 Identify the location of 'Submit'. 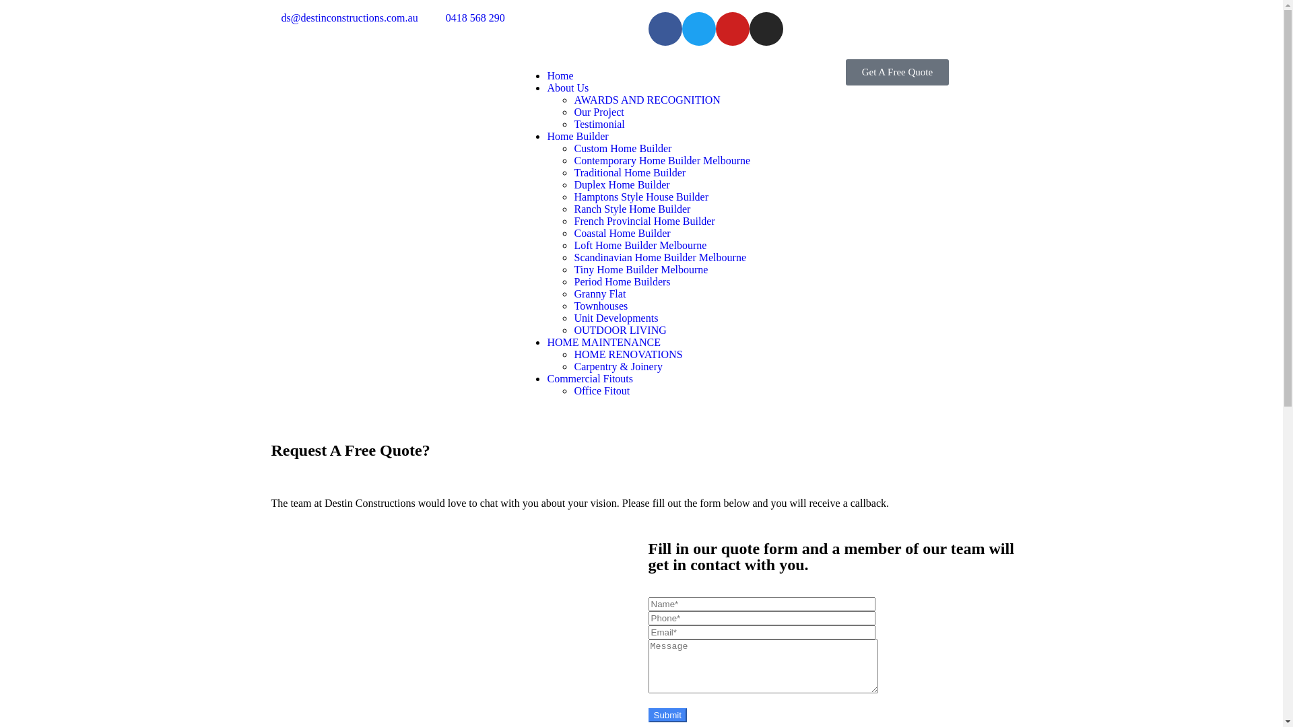
(667, 714).